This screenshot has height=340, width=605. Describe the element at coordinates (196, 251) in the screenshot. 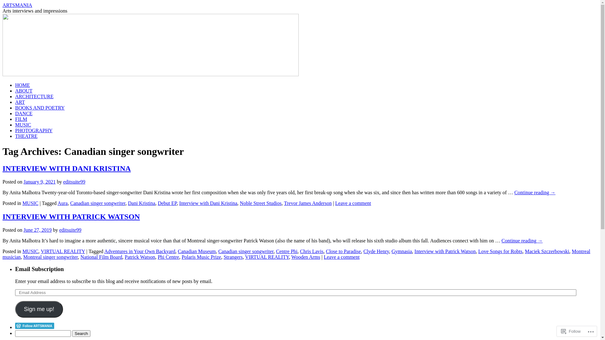

I see `'Canadian Museum'` at that location.